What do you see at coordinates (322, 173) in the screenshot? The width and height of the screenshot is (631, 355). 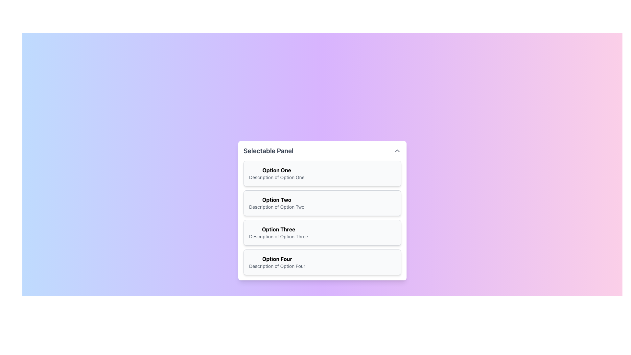 I see `the first selectable option button in the list` at bounding box center [322, 173].